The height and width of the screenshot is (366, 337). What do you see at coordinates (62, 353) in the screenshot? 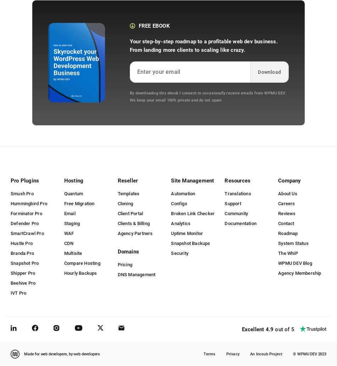
I see `'Made for web developers, by web developers'` at bounding box center [62, 353].